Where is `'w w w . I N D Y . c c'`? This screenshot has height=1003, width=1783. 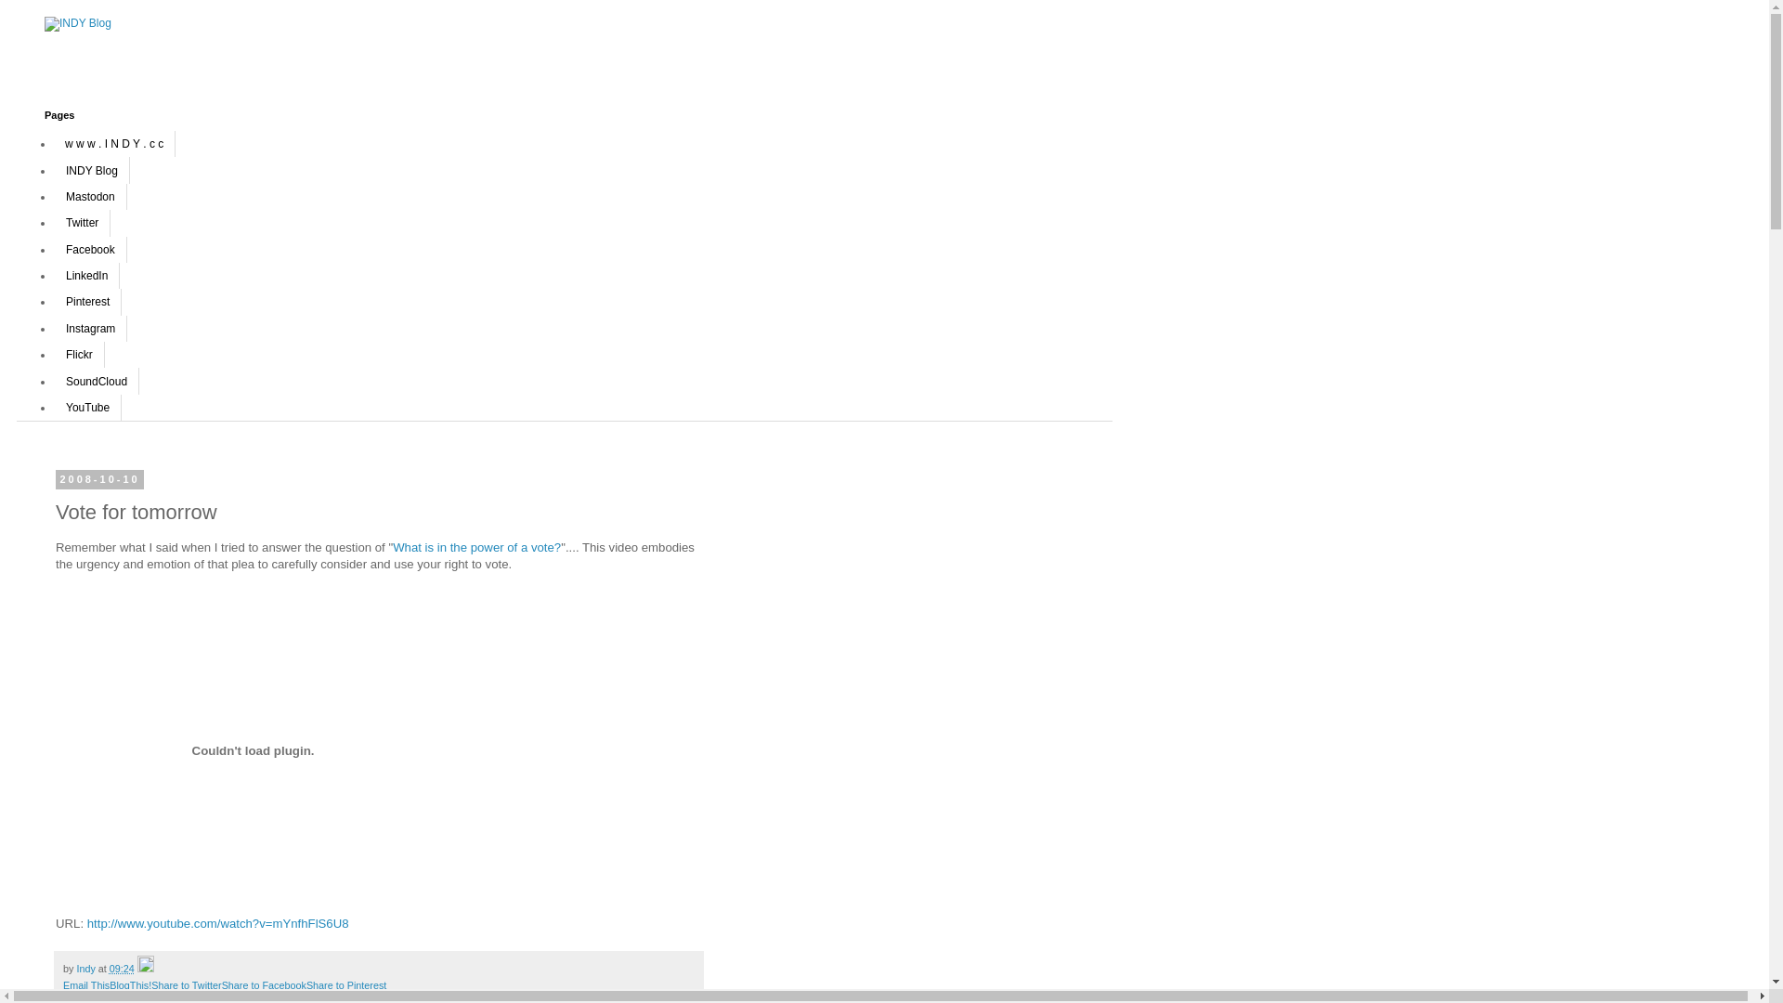 'w w w . I N D Y . c c' is located at coordinates (113, 142).